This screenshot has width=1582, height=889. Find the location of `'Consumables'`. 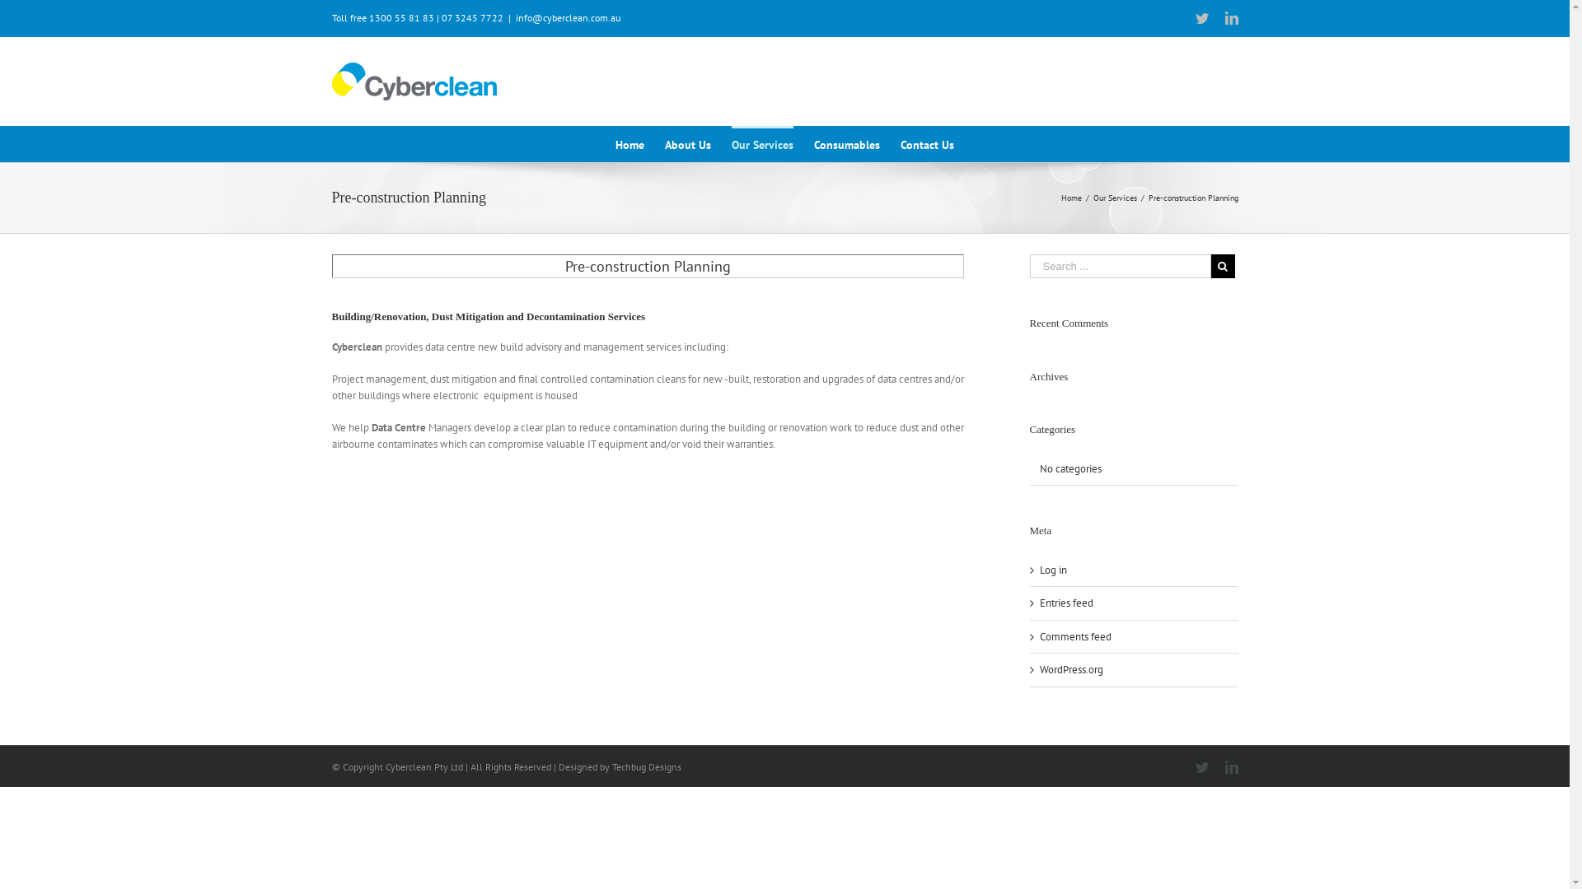

'Consumables' is located at coordinates (846, 142).